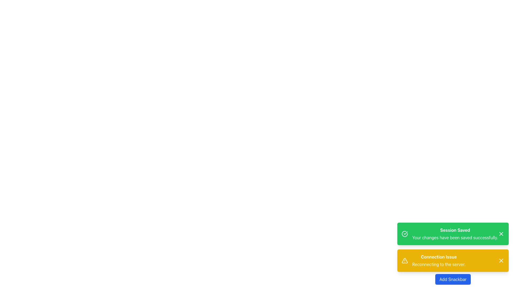  I want to click on the close icon button represented by a stylized 'X' symbol located at the rightmost end of the green 'Session Saved' notification banner, so click(501, 234).